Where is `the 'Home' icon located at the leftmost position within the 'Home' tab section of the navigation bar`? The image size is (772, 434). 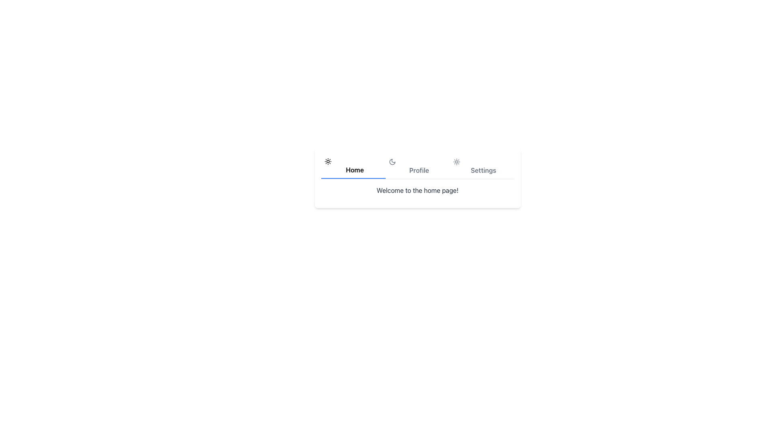 the 'Home' icon located at the leftmost position within the 'Home' tab section of the navigation bar is located at coordinates (328, 161).